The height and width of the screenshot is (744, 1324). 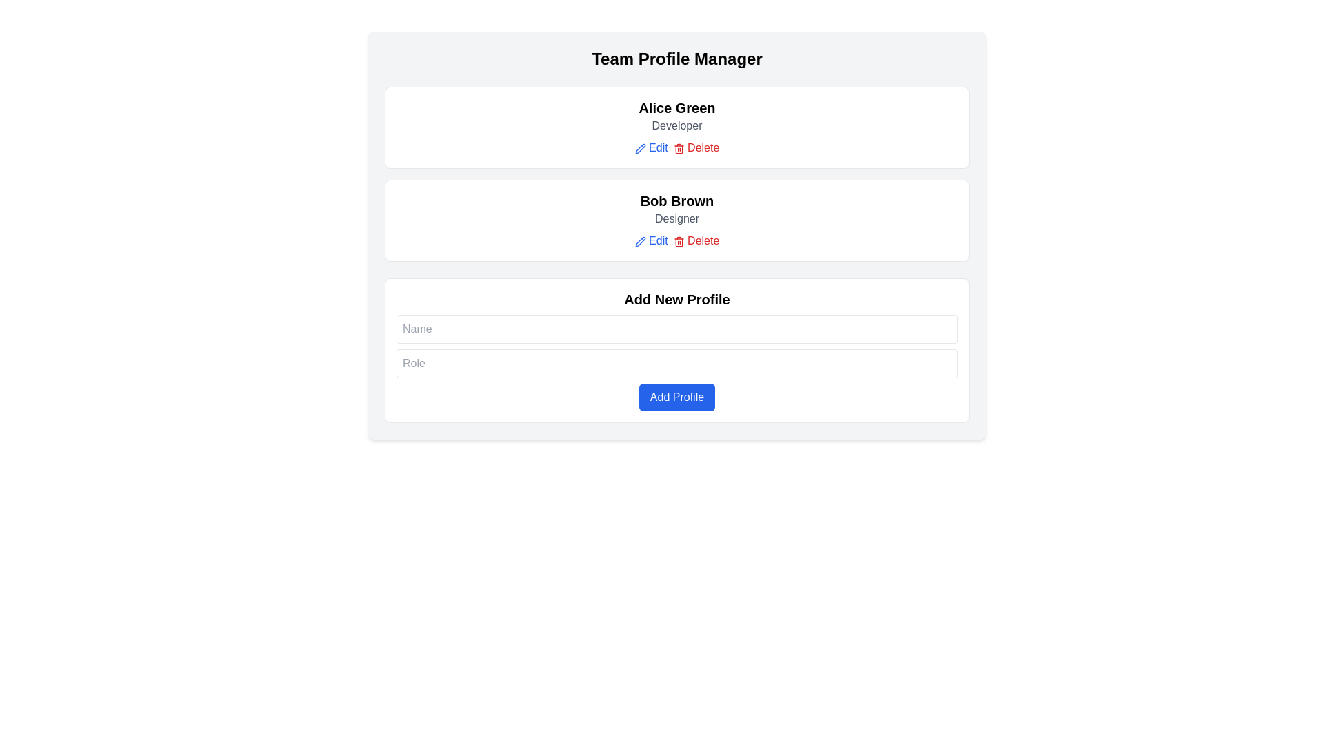 What do you see at coordinates (679, 241) in the screenshot?
I see `the trash can icon in the action group next to 'Edit' for 'Bob Brown - Designer'` at bounding box center [679, 241].